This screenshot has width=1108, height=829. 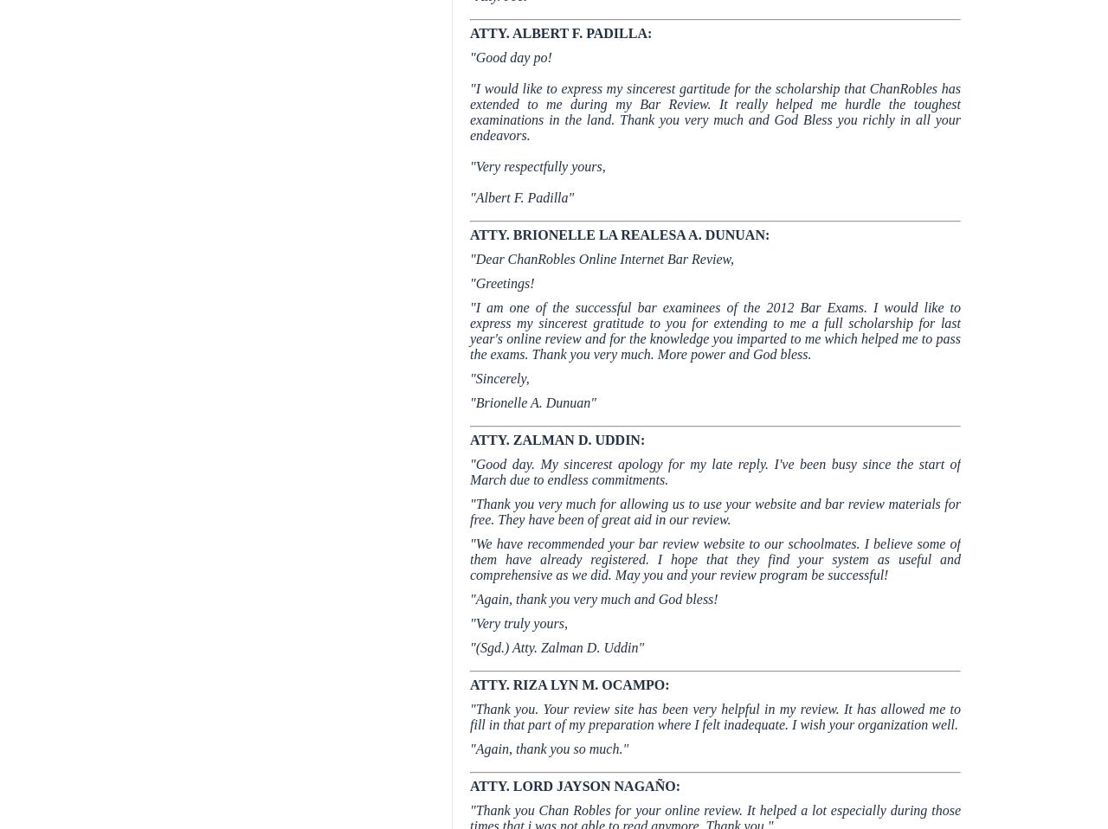 What do you see at coordinates (518, 196) in the screenshot?
I see `'"Albert F. Padilla'` at bounding box center [518, 196].